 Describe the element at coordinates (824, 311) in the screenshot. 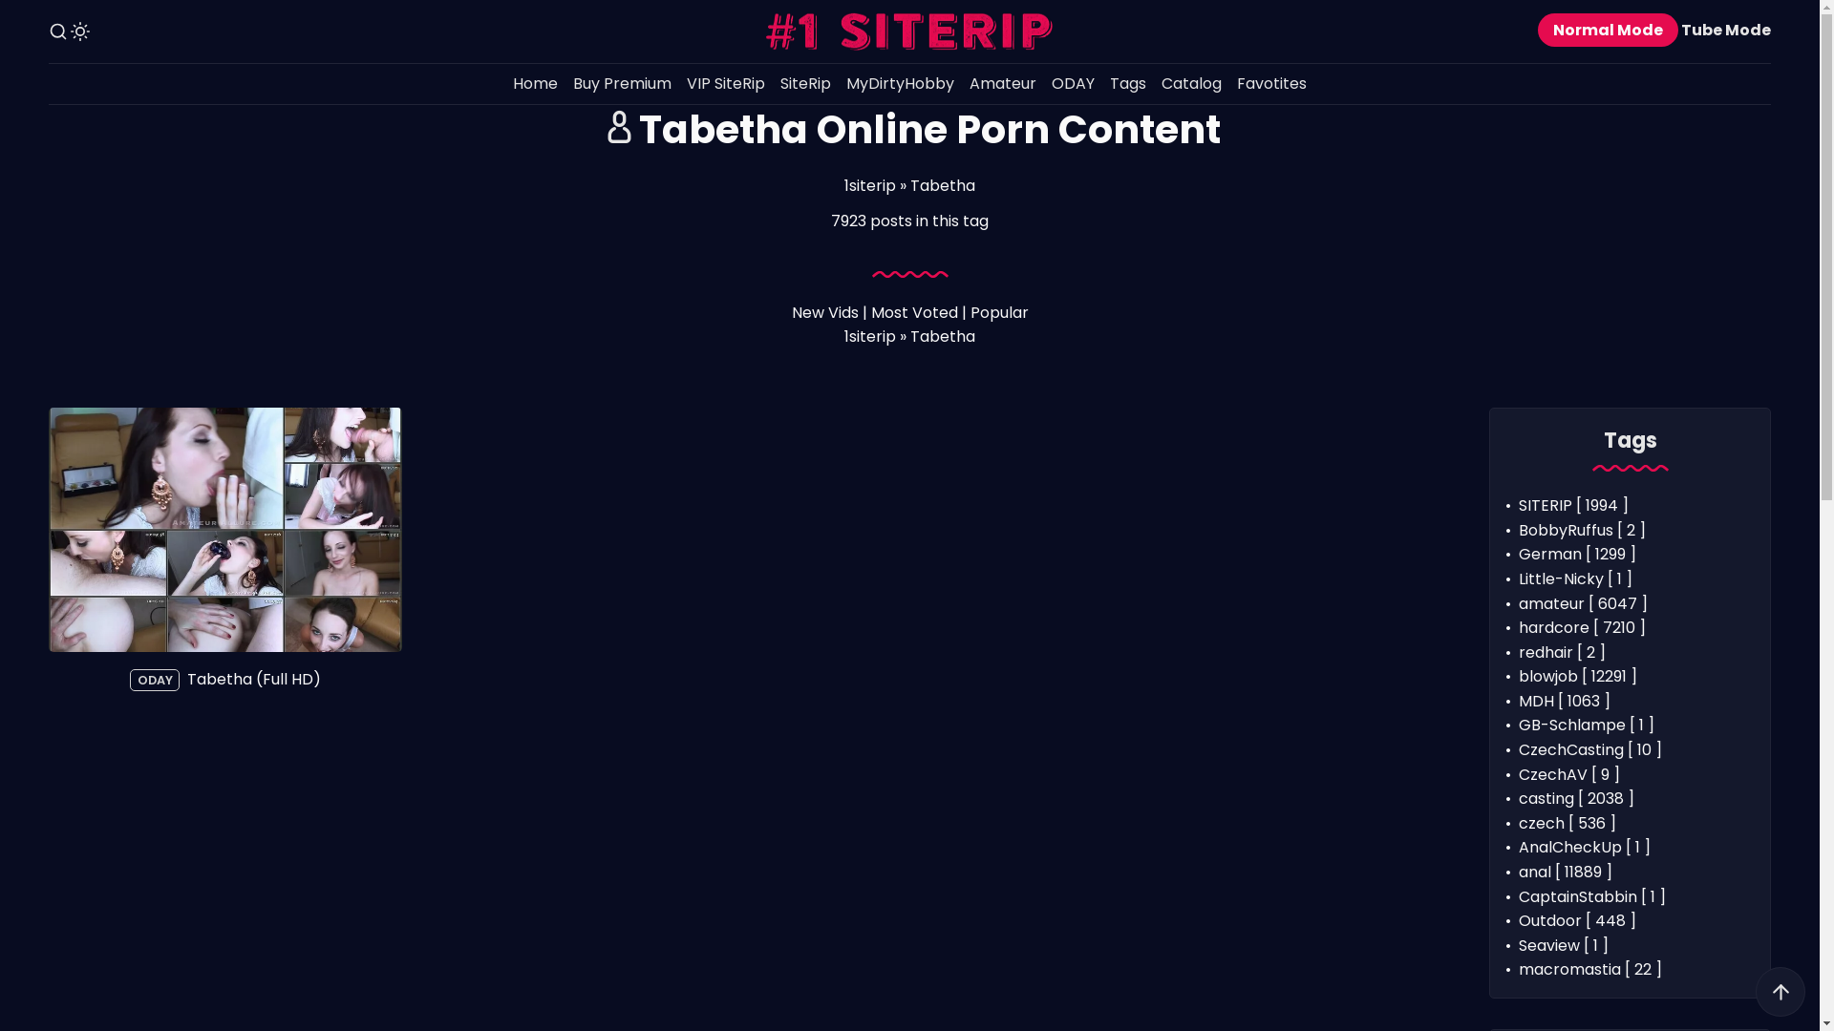

I see `'New Vids'` at that location.